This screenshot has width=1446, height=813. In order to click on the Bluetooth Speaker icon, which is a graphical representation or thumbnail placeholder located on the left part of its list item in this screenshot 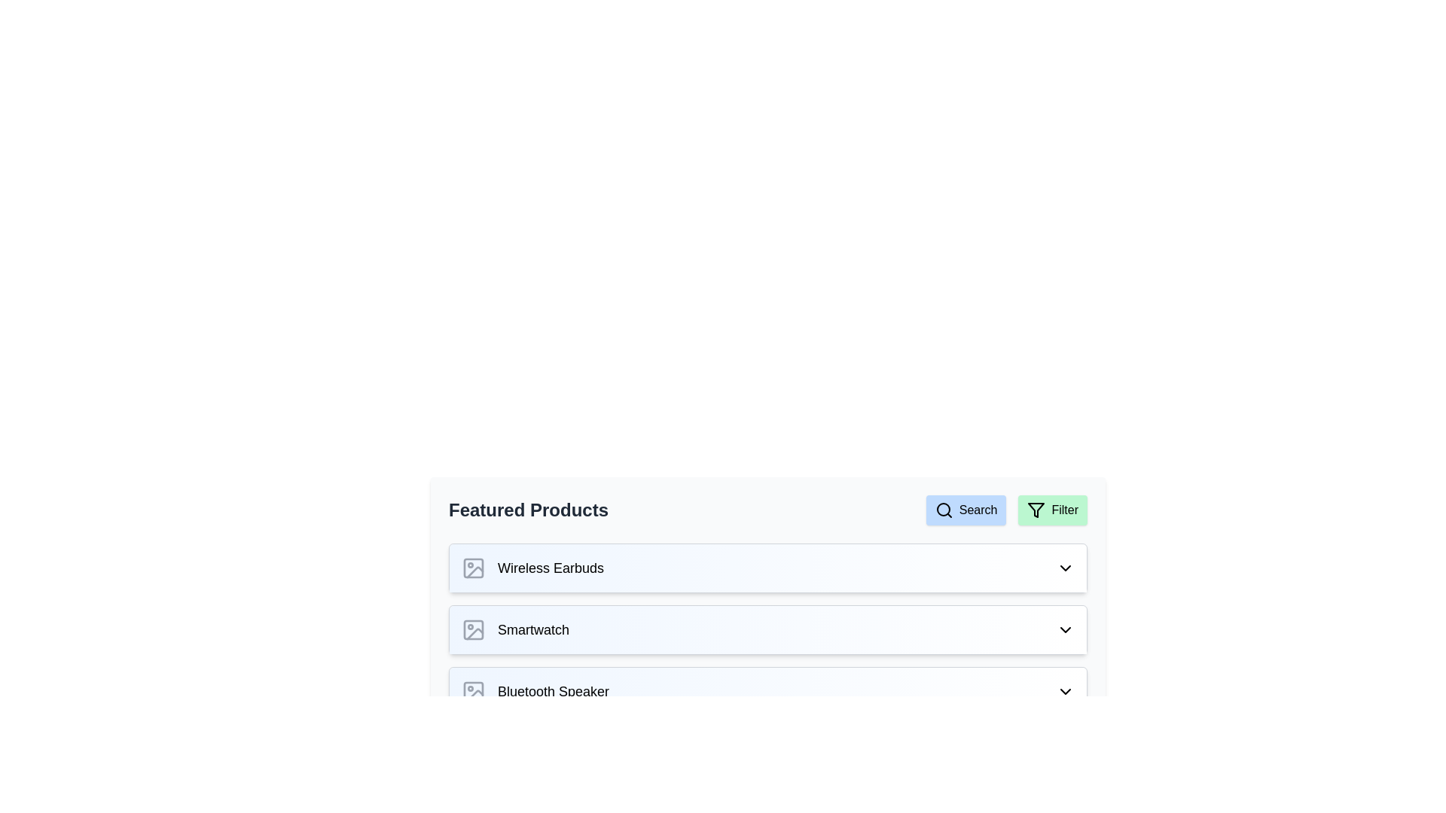, I will do `click(472, 691)`.